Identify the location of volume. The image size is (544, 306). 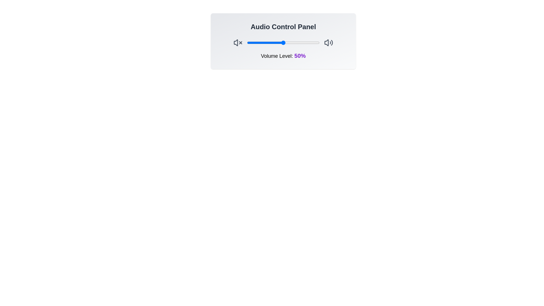
(282, 42).